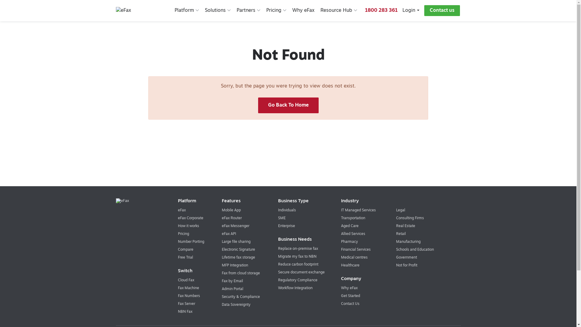 This screenshot has width=581, height=327. Describe the element at coordinates (301, 272) in the screenshot. I see `'Secure document exchange'` at that location.